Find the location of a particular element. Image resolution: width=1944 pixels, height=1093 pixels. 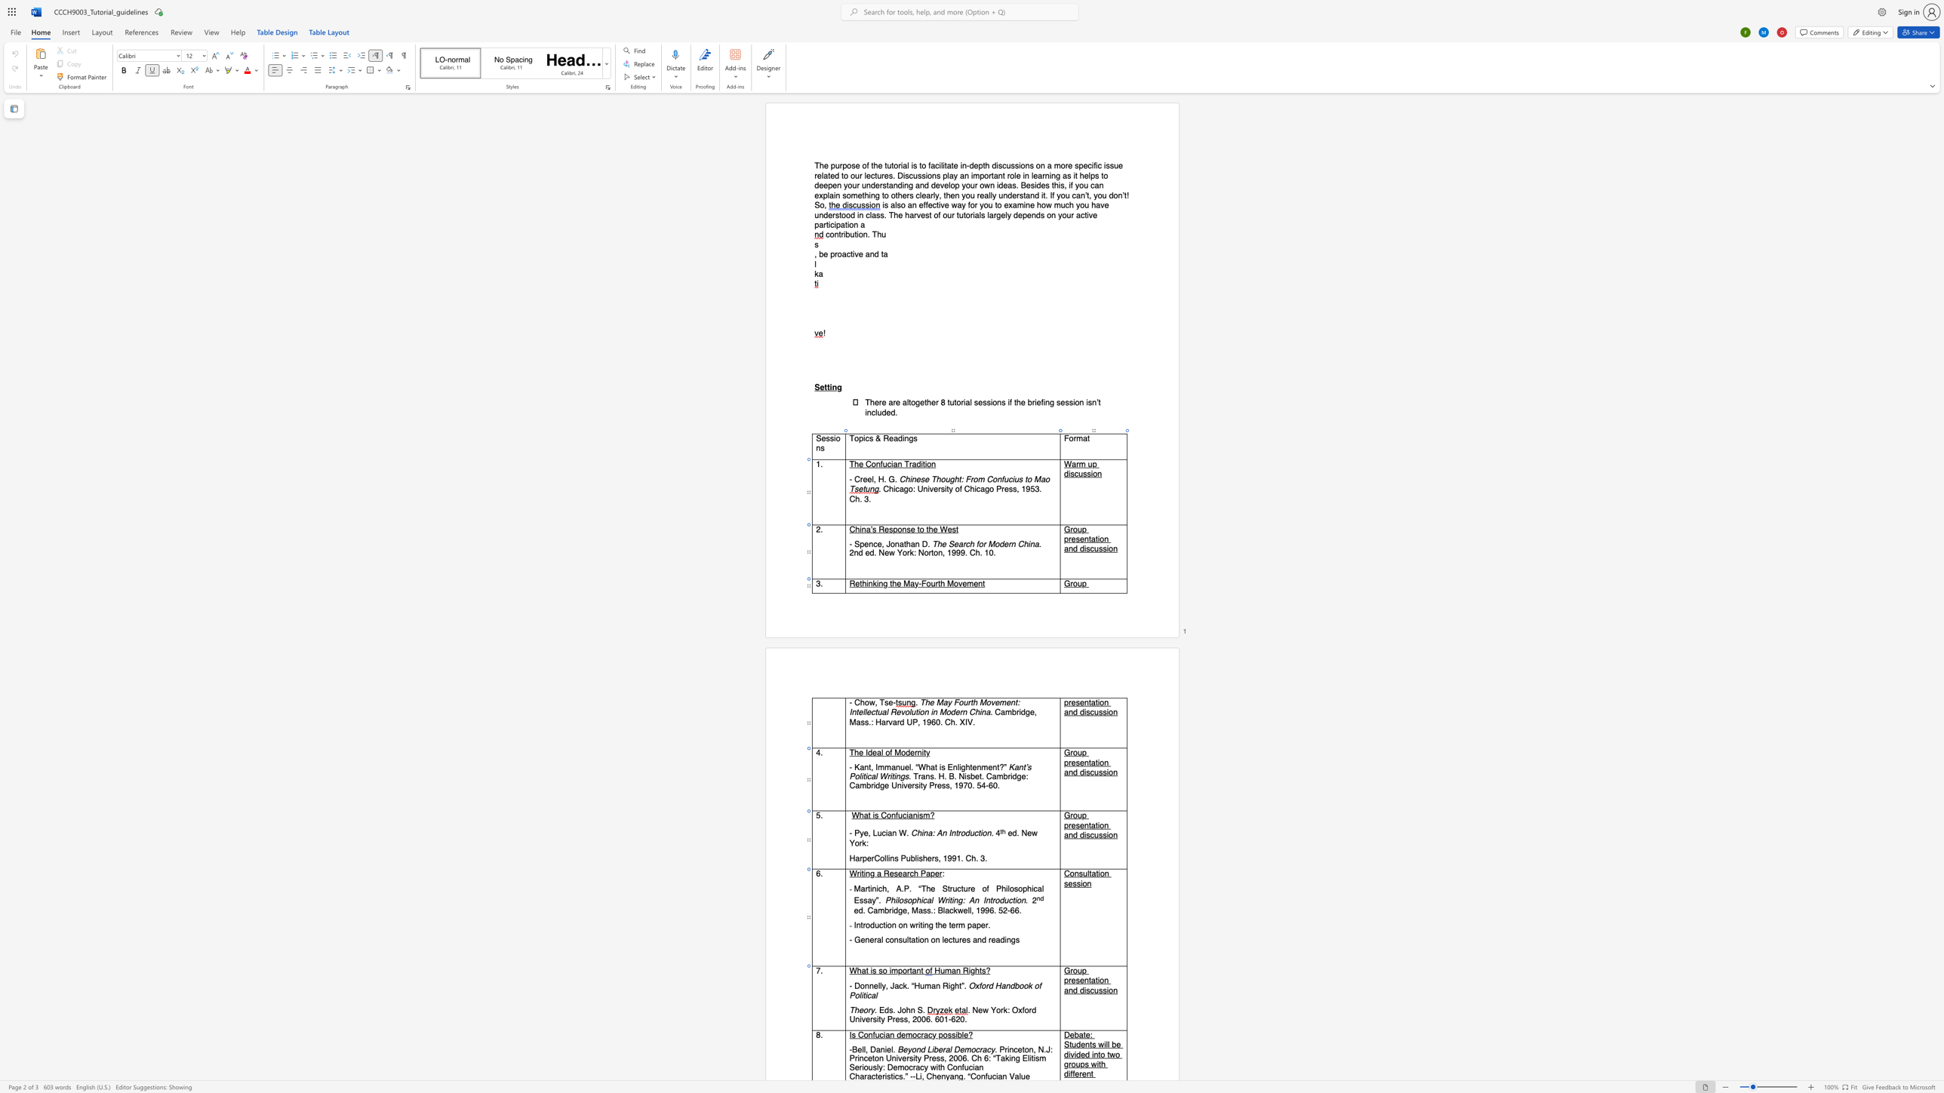

the 1th character "c" in the text is located at coordinates (884, 833).